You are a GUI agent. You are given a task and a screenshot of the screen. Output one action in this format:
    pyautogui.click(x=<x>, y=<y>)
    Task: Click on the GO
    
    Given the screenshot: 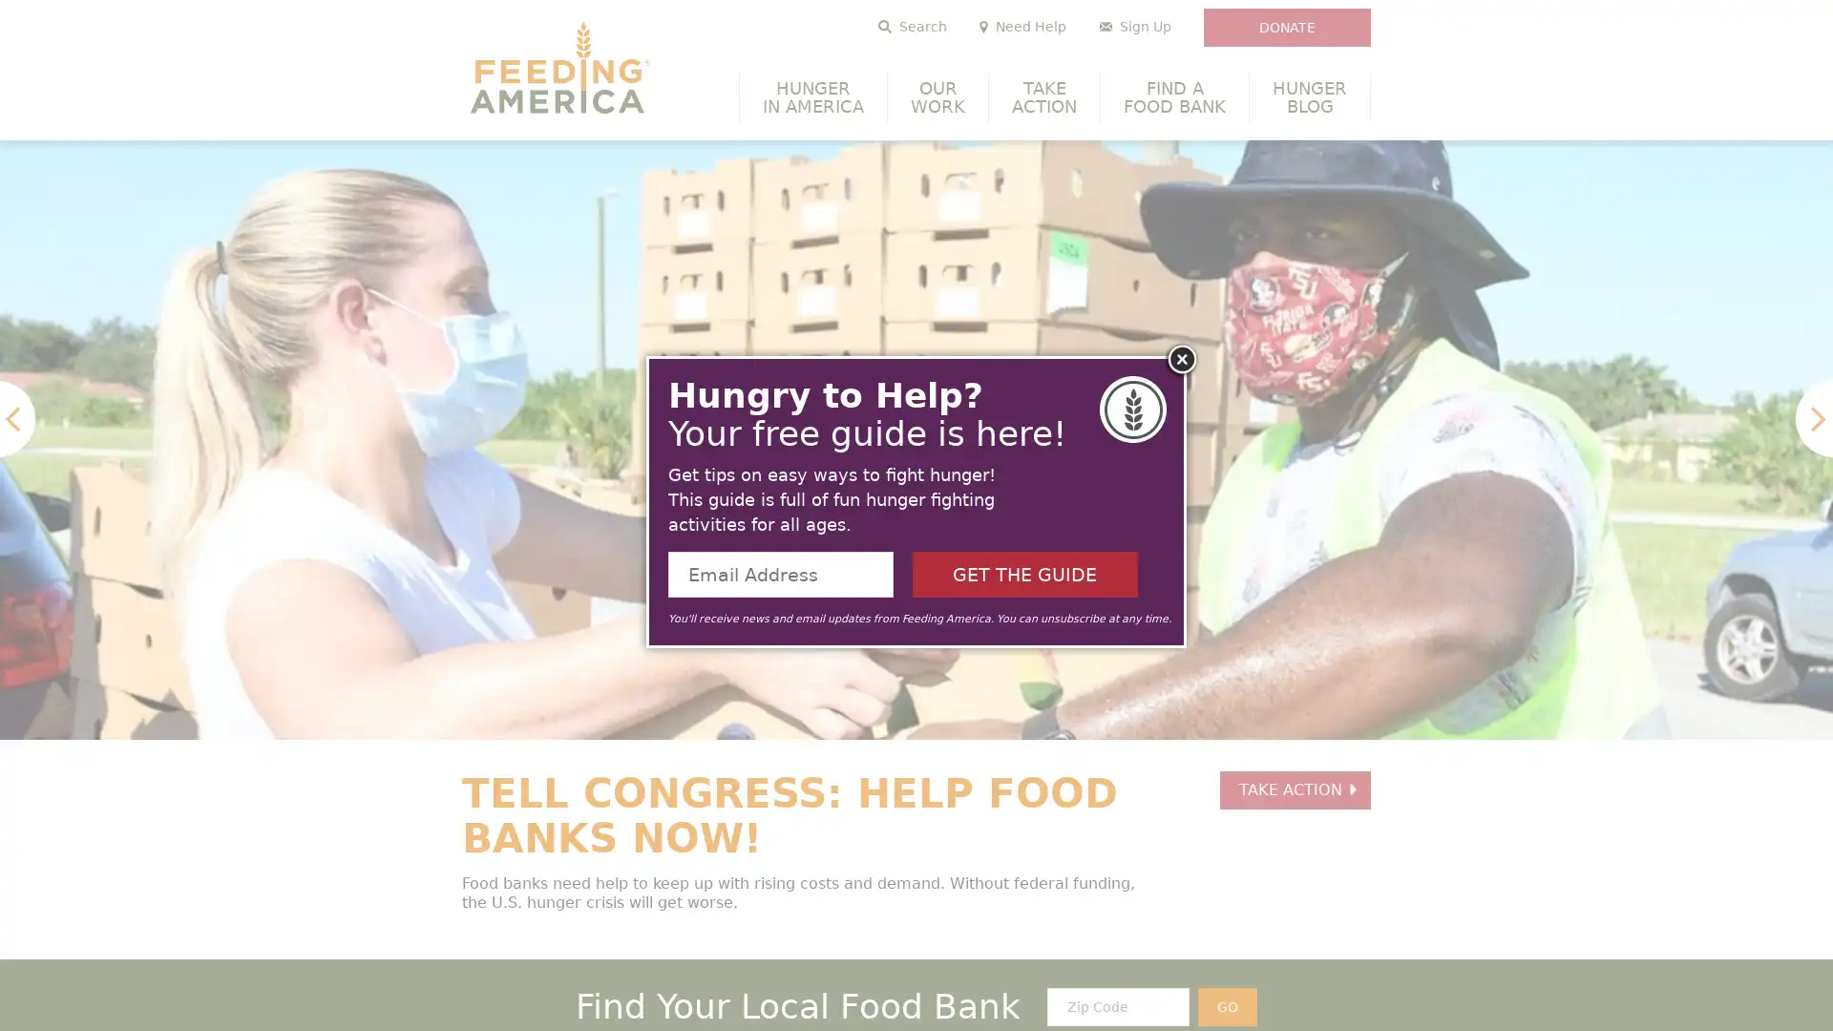 What is the action you would take?
    pyautogui.click(x=1228, y=1006)
    